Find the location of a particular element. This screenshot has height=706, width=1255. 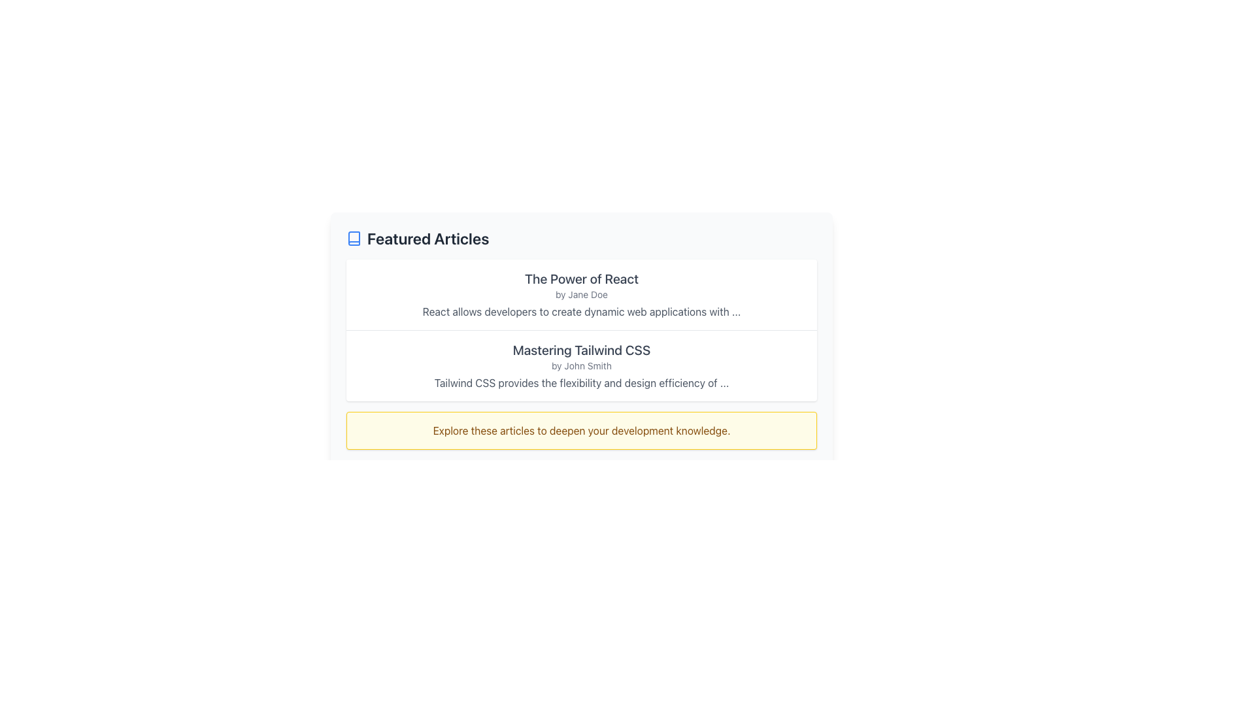

textual content block titled 'The Power of React' which includes the author credit 'by Jane Doe' and a short descriptive text, located at the top of the 'Featured Articles' card is located at coordinates (580, 295).